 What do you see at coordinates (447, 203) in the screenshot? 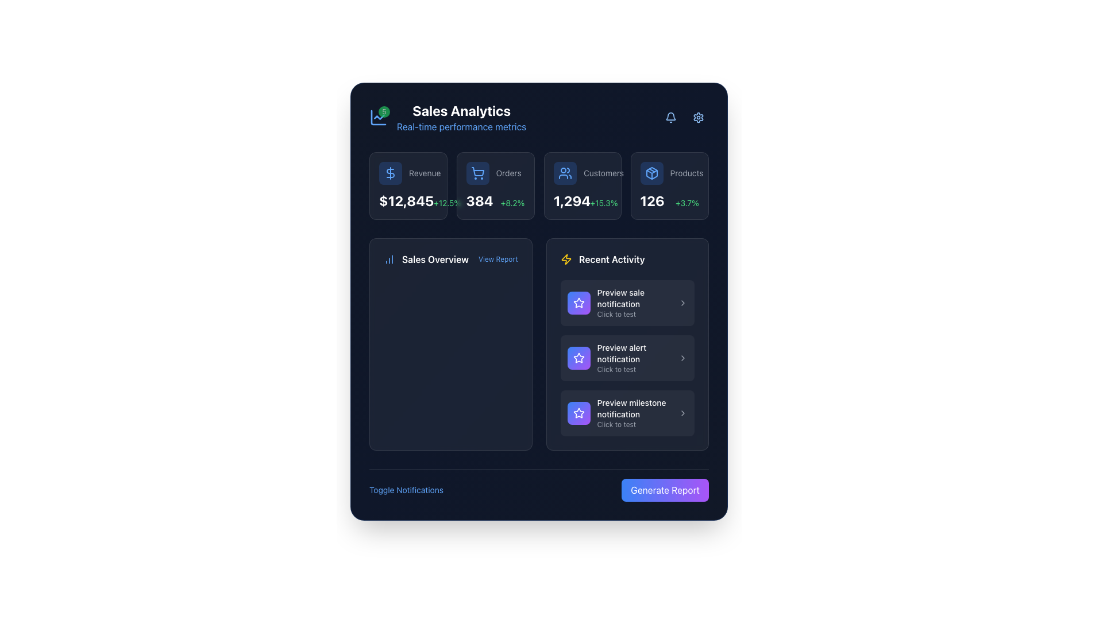
I see `the text label displaying '+12.5%' which is styled in green and is part of the 'Revenue' section card, positioned to the right of '$12,845'` at bounding box center [447, 203].